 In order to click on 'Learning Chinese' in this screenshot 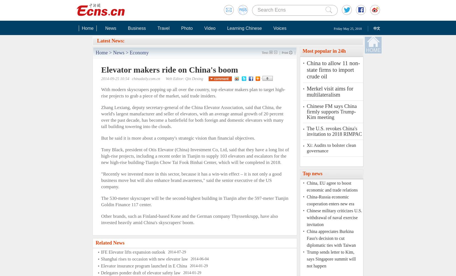, I will do `click(244, 28)`.